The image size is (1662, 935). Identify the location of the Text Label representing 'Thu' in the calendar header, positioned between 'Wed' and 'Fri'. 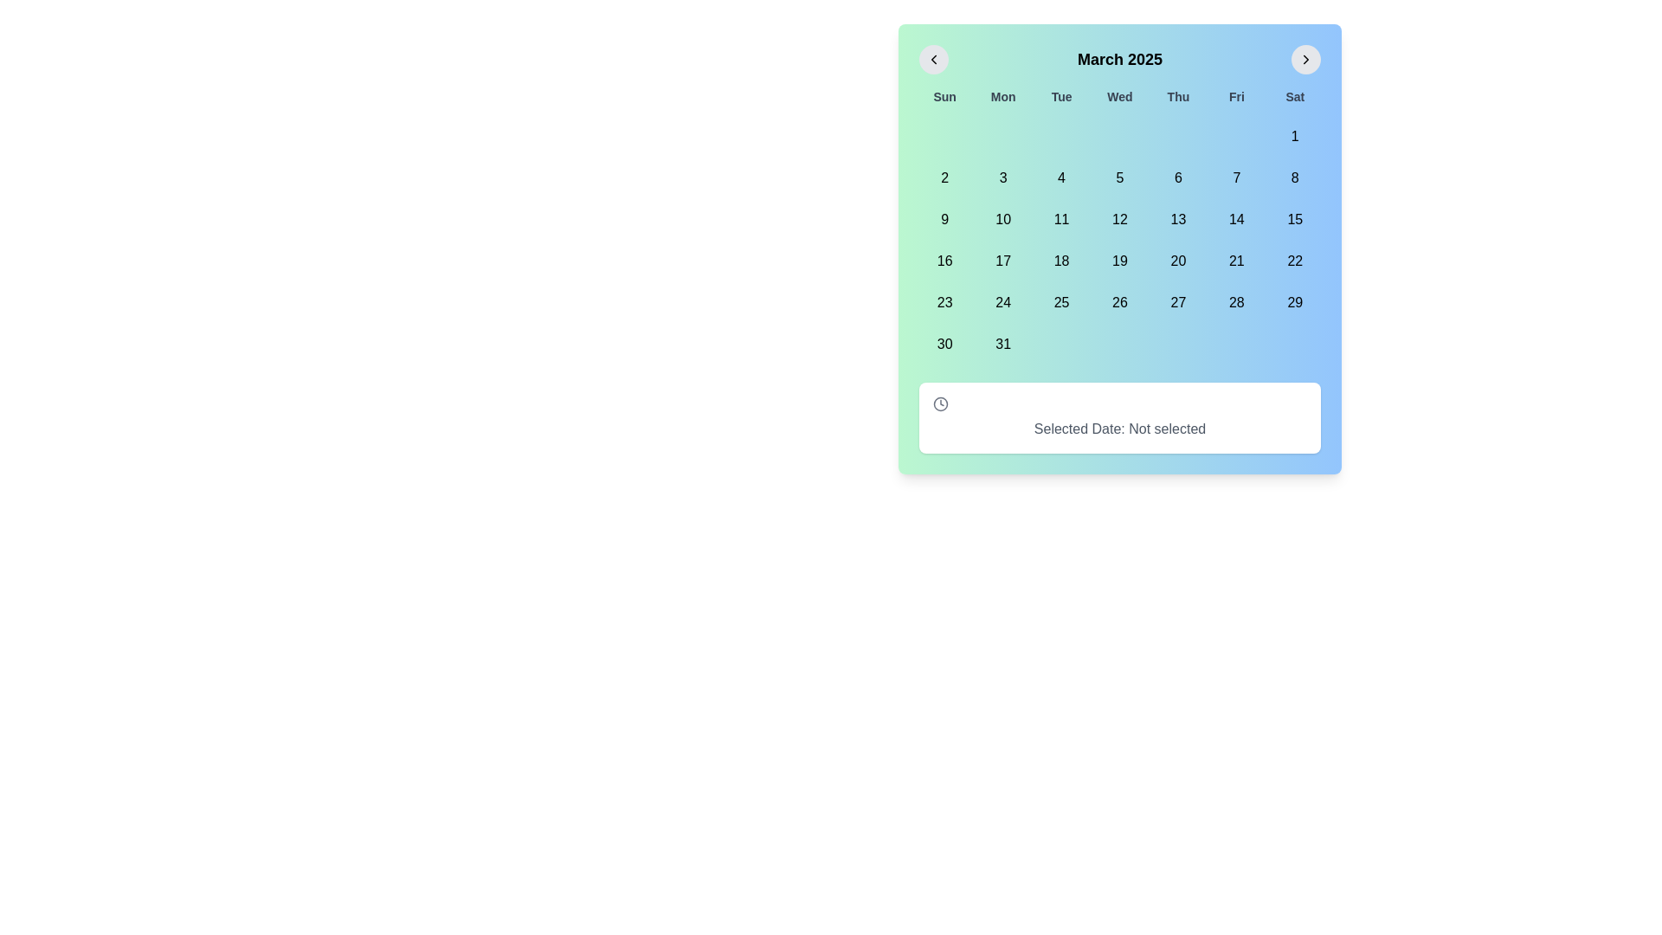
(1177, 96).